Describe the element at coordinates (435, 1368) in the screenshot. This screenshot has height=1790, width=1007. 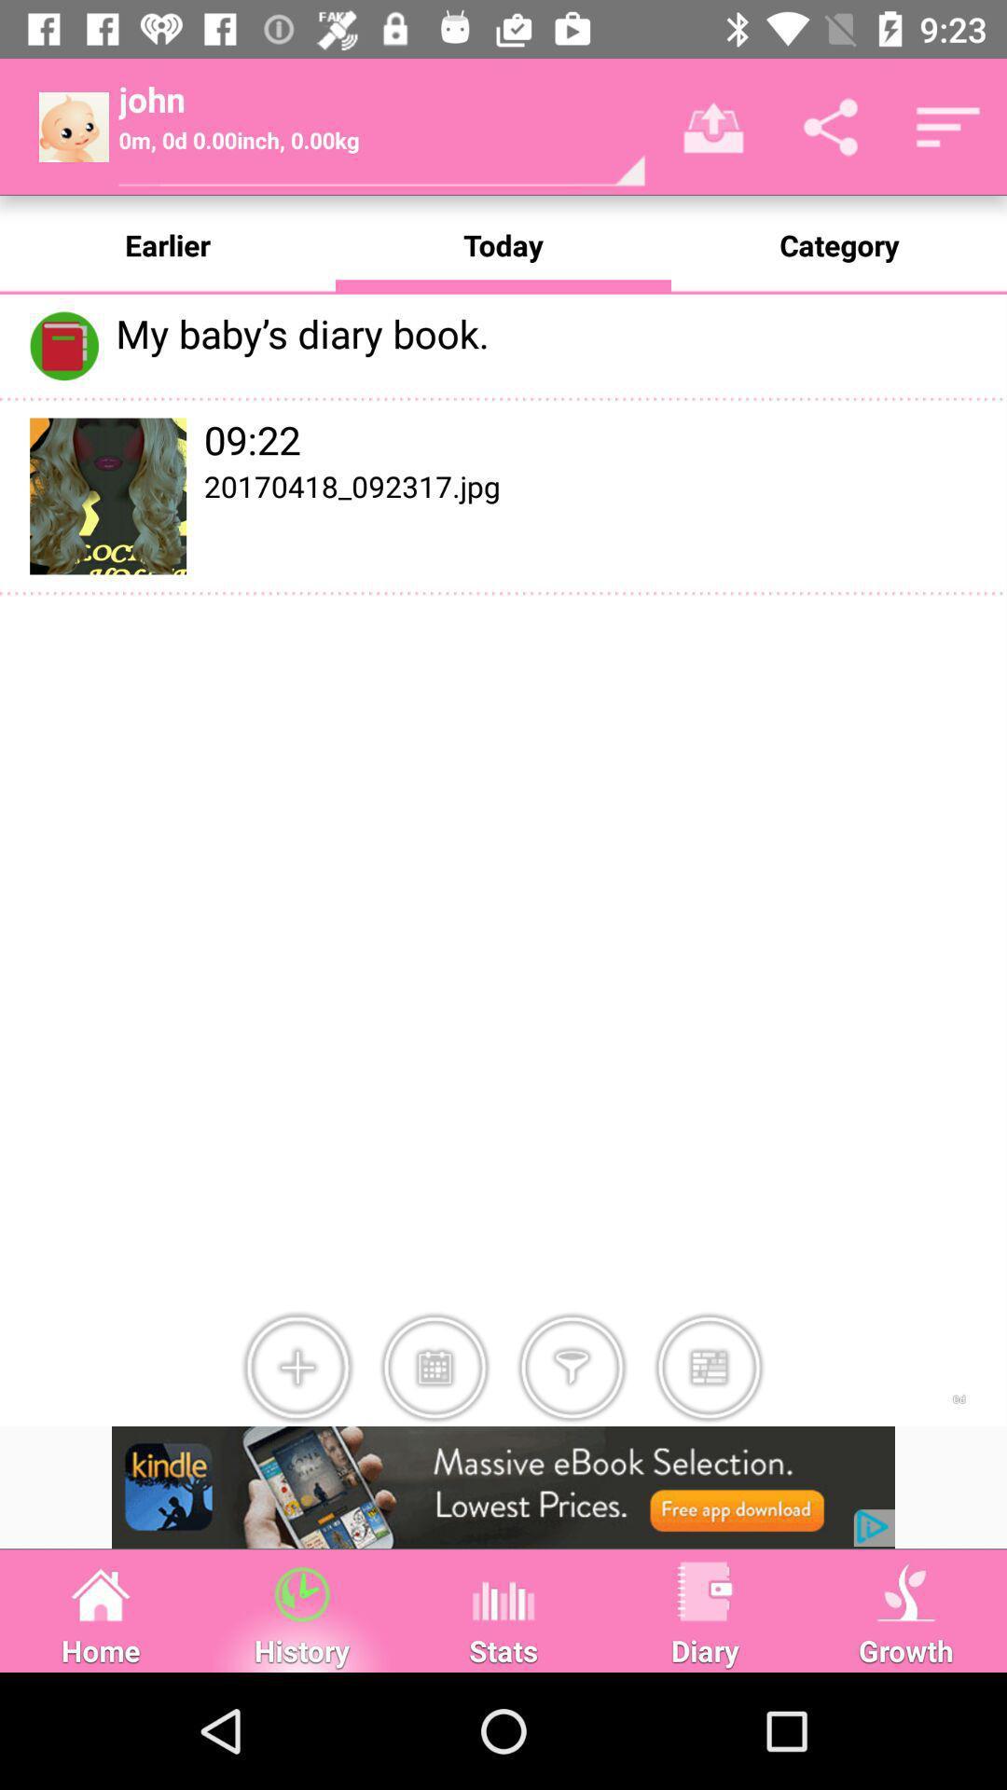
I see `calendar` at that location.